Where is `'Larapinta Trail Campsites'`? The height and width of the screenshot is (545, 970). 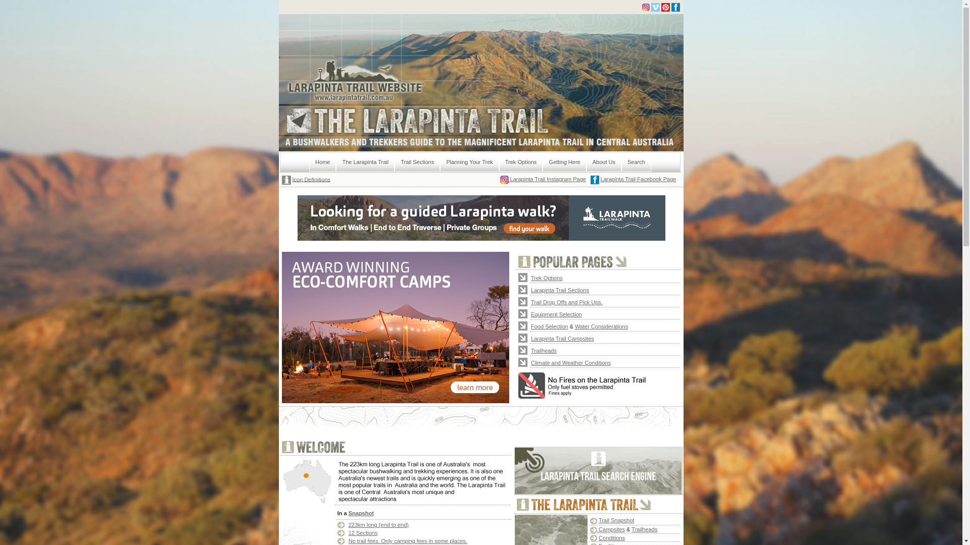 'Larapinta Trail Campsites' is located at coordinates (530, 338).